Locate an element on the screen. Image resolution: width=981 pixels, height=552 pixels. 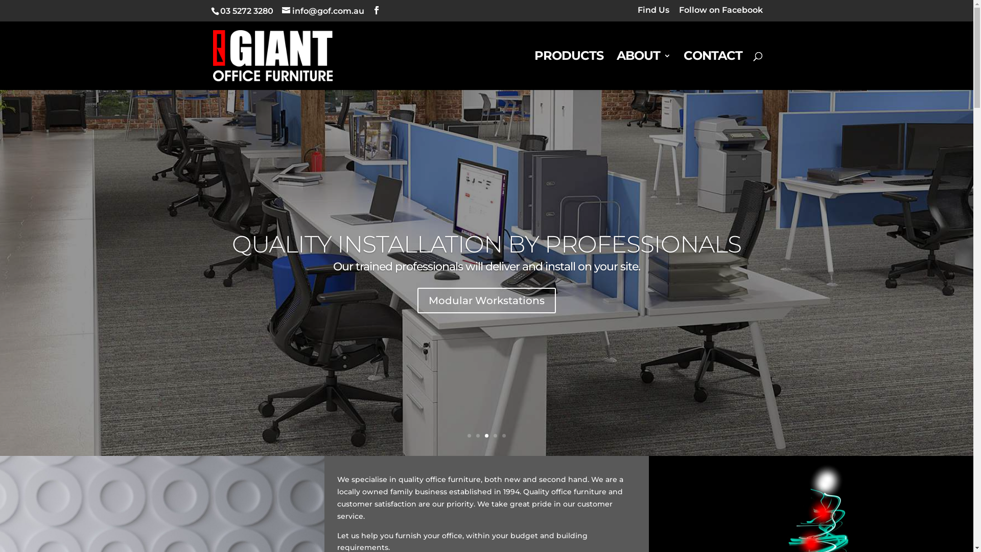
'info@gof.com.au' is located at coordinates (322, 11).